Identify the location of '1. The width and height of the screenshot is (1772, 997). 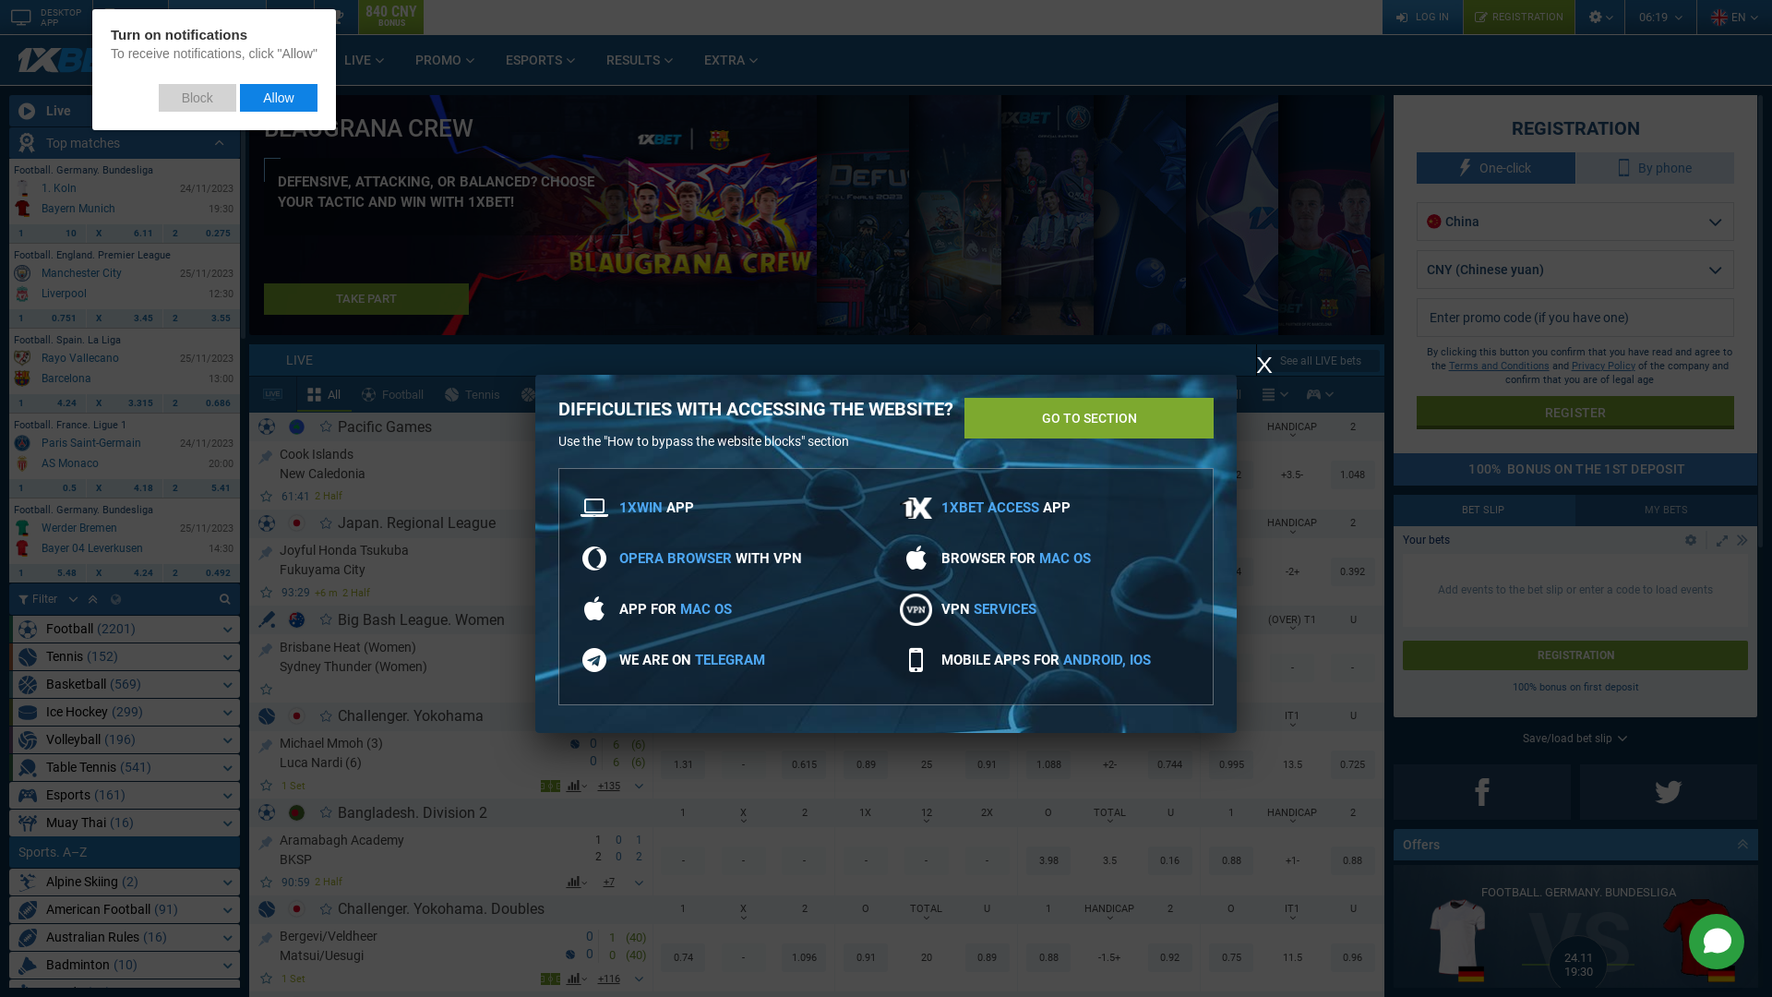
(47, 233).